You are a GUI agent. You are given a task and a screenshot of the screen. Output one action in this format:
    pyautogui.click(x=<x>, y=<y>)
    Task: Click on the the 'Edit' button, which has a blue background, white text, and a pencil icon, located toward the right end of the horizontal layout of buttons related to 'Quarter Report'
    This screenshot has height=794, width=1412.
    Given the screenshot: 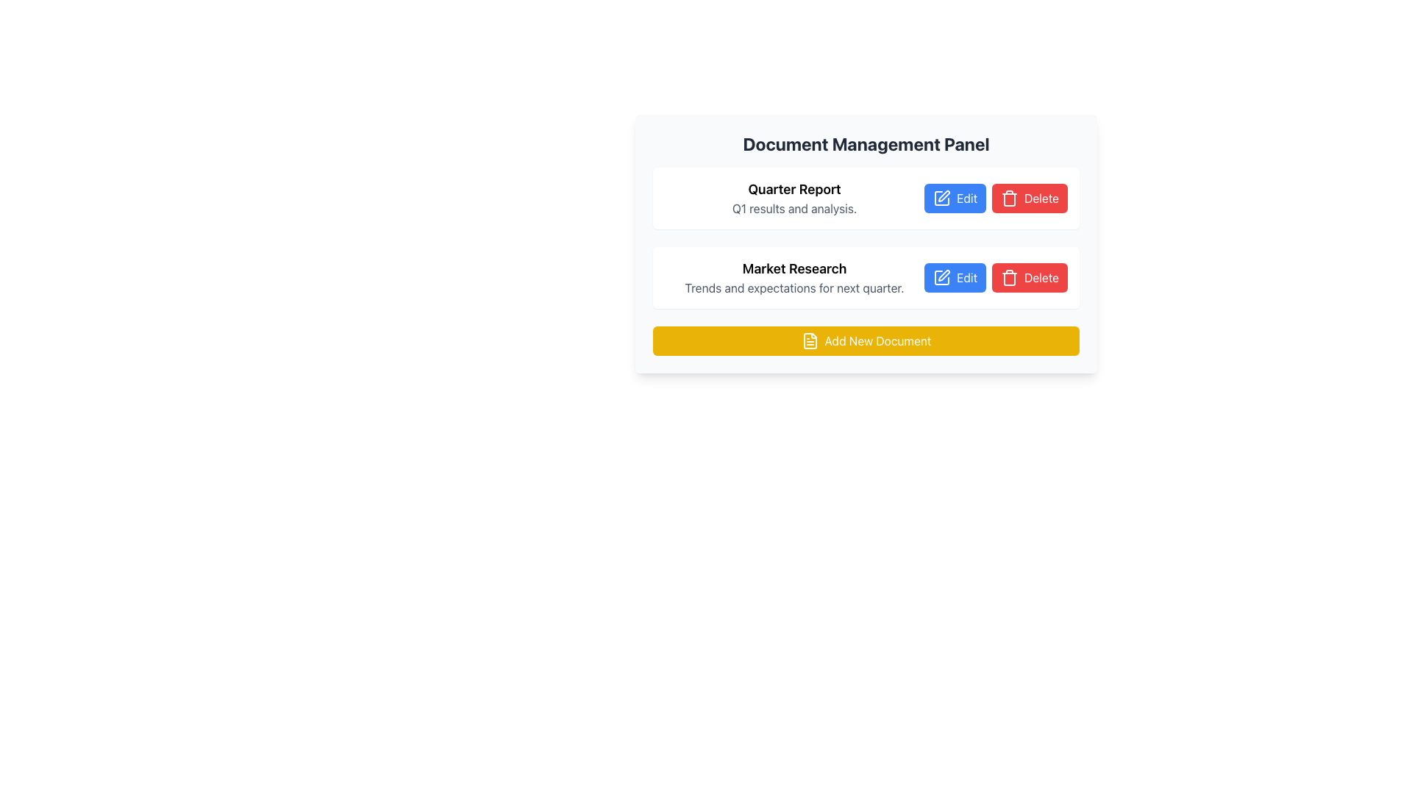 What is the action you would take?
    pyautogui.click(x=955, y=198)
    